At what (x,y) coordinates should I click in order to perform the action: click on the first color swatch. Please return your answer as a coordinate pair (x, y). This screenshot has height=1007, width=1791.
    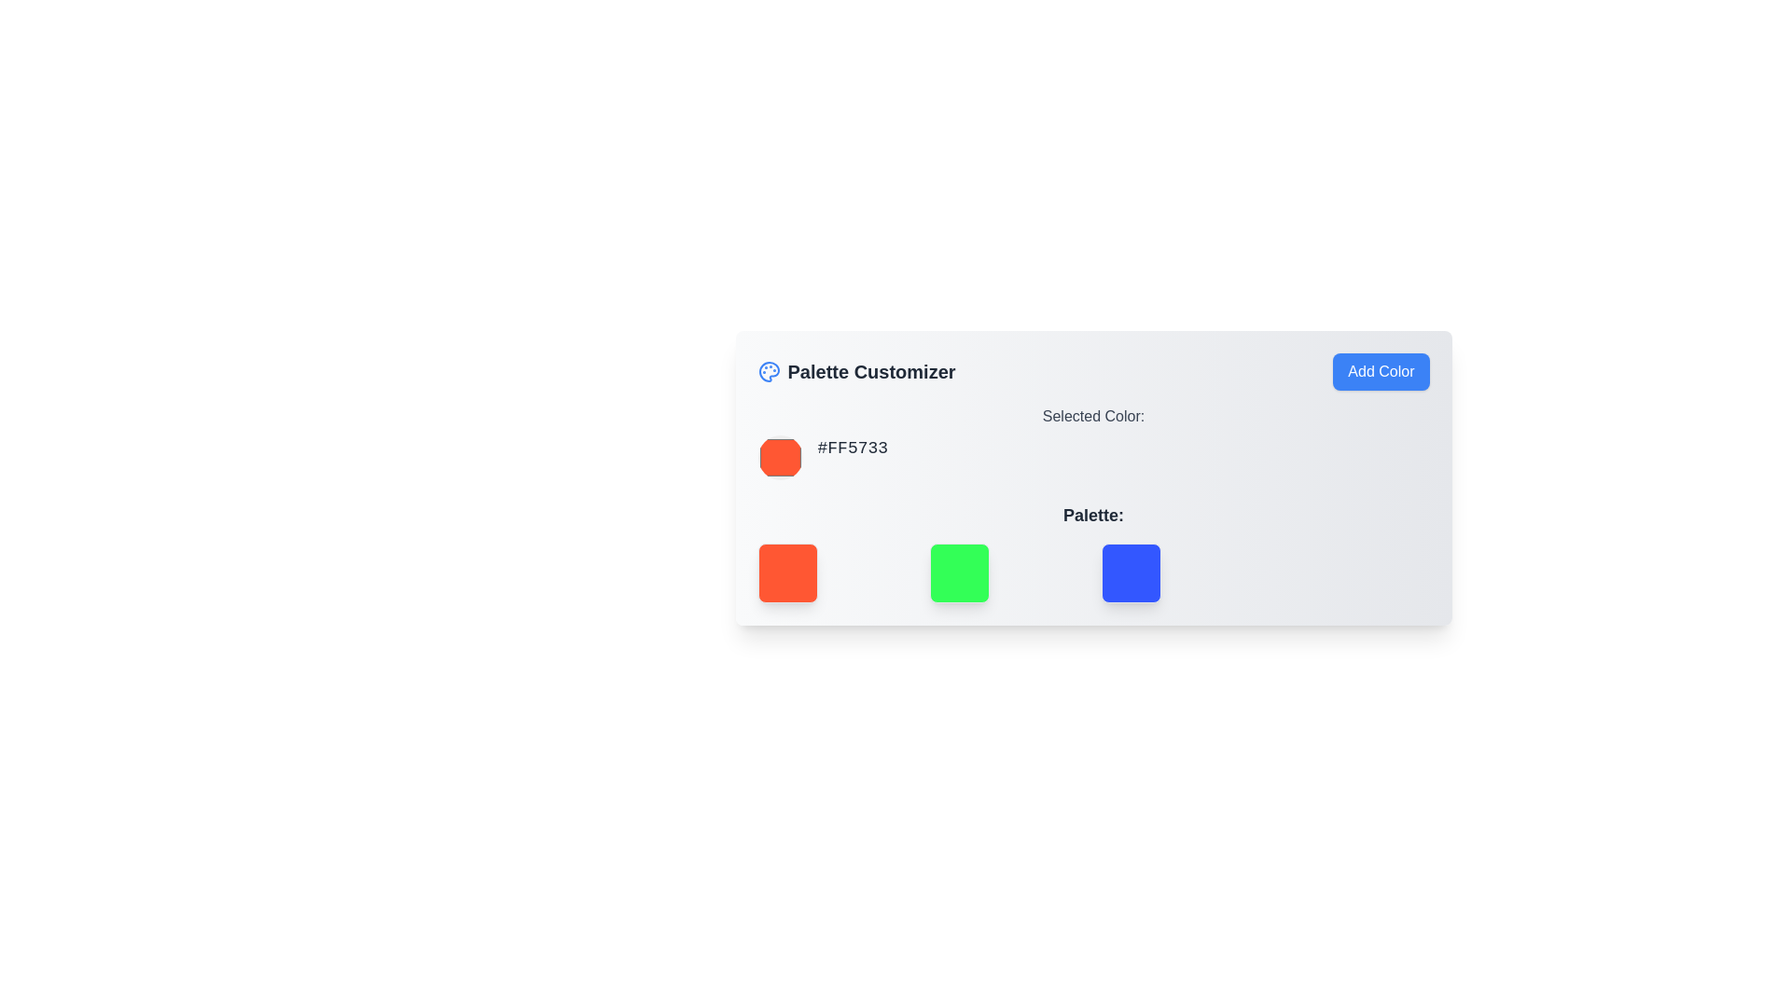
    Looking at the image, I should click on (835, 572).